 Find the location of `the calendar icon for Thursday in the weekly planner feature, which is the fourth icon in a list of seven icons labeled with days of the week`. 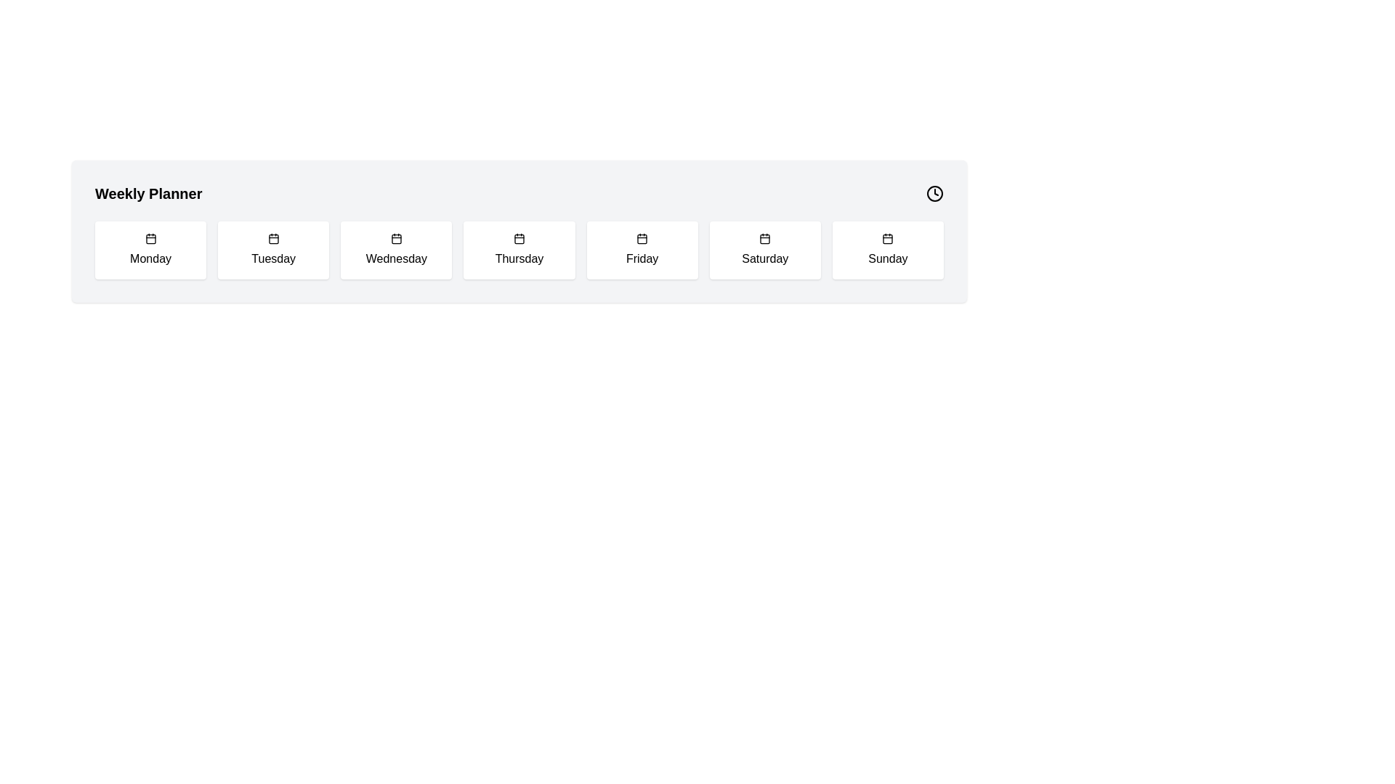

the calendar icon for Thursday in the weekly planner feature, which is the fourth icon in a list of seven icons labeled with days of the week is located at coordinates (519, 237).